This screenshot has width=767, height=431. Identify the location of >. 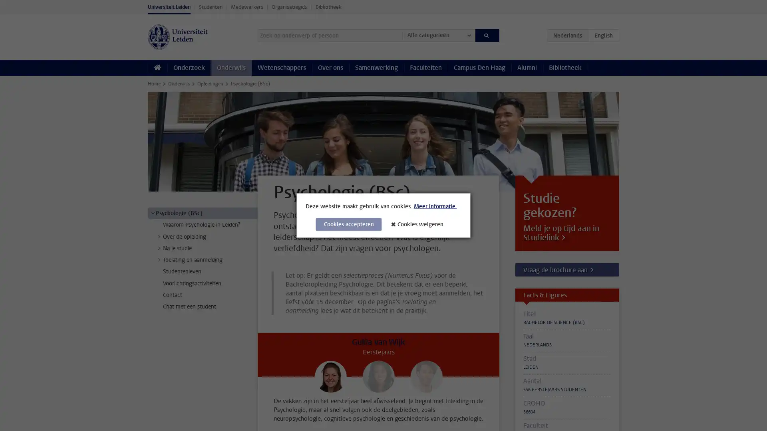
(159, 235).